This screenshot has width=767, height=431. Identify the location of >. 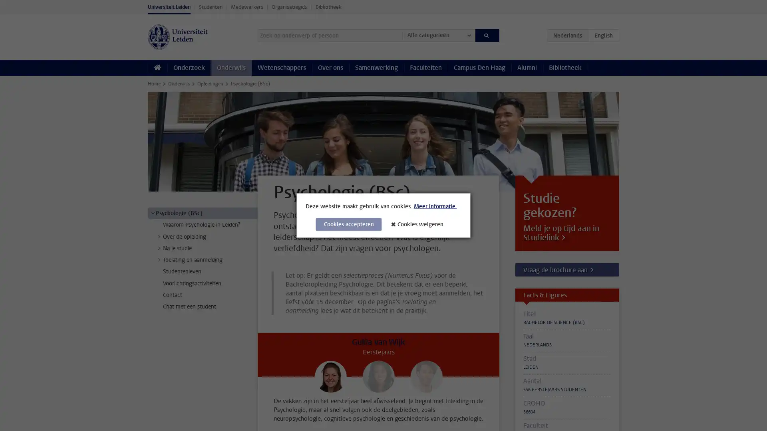
(159, 235).